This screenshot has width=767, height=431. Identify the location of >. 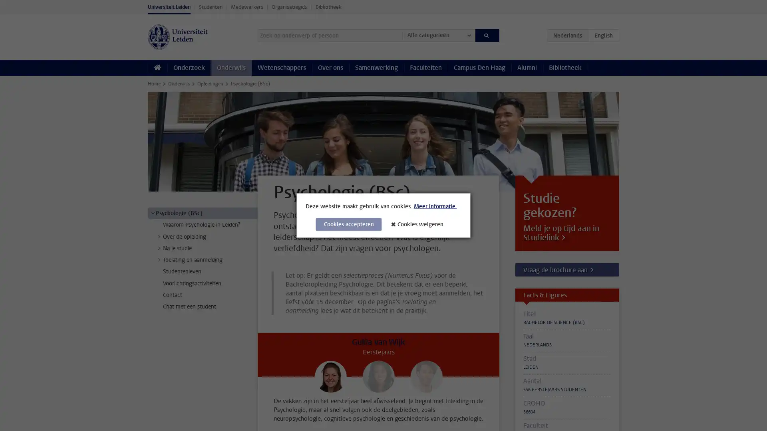
(159, 235).